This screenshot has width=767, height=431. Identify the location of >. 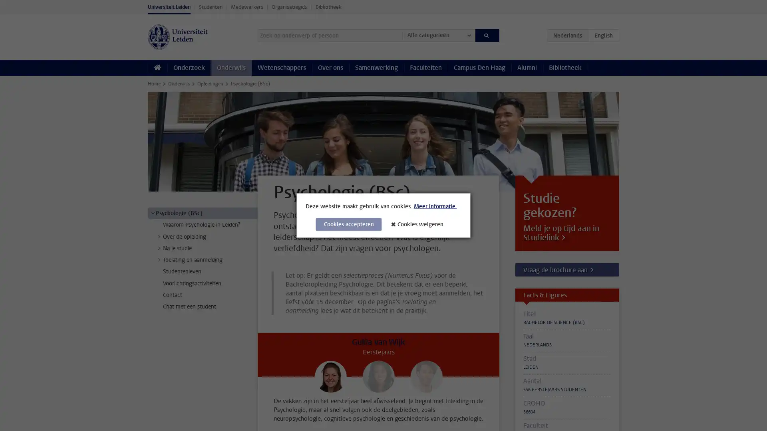
(159, 235).